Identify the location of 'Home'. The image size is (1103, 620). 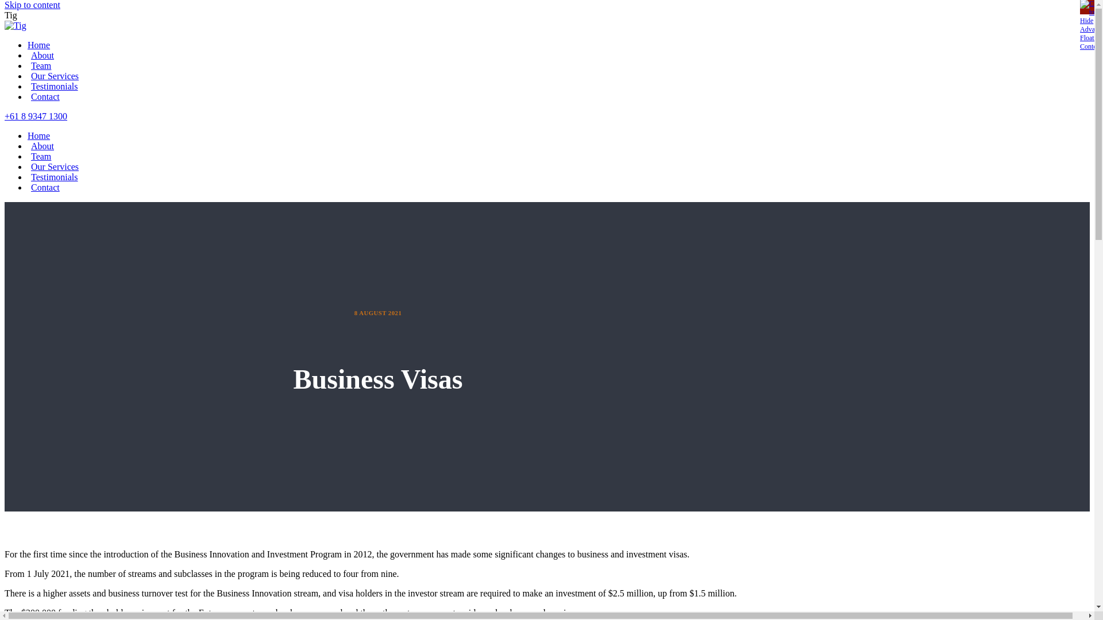
(38, 44).